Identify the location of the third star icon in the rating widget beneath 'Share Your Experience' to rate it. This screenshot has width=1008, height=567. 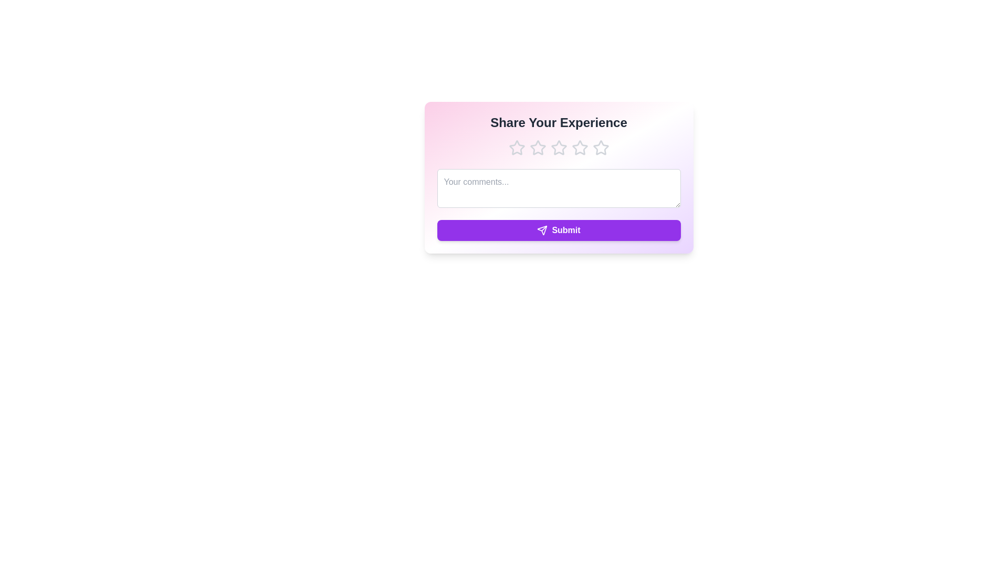
(579, 148).